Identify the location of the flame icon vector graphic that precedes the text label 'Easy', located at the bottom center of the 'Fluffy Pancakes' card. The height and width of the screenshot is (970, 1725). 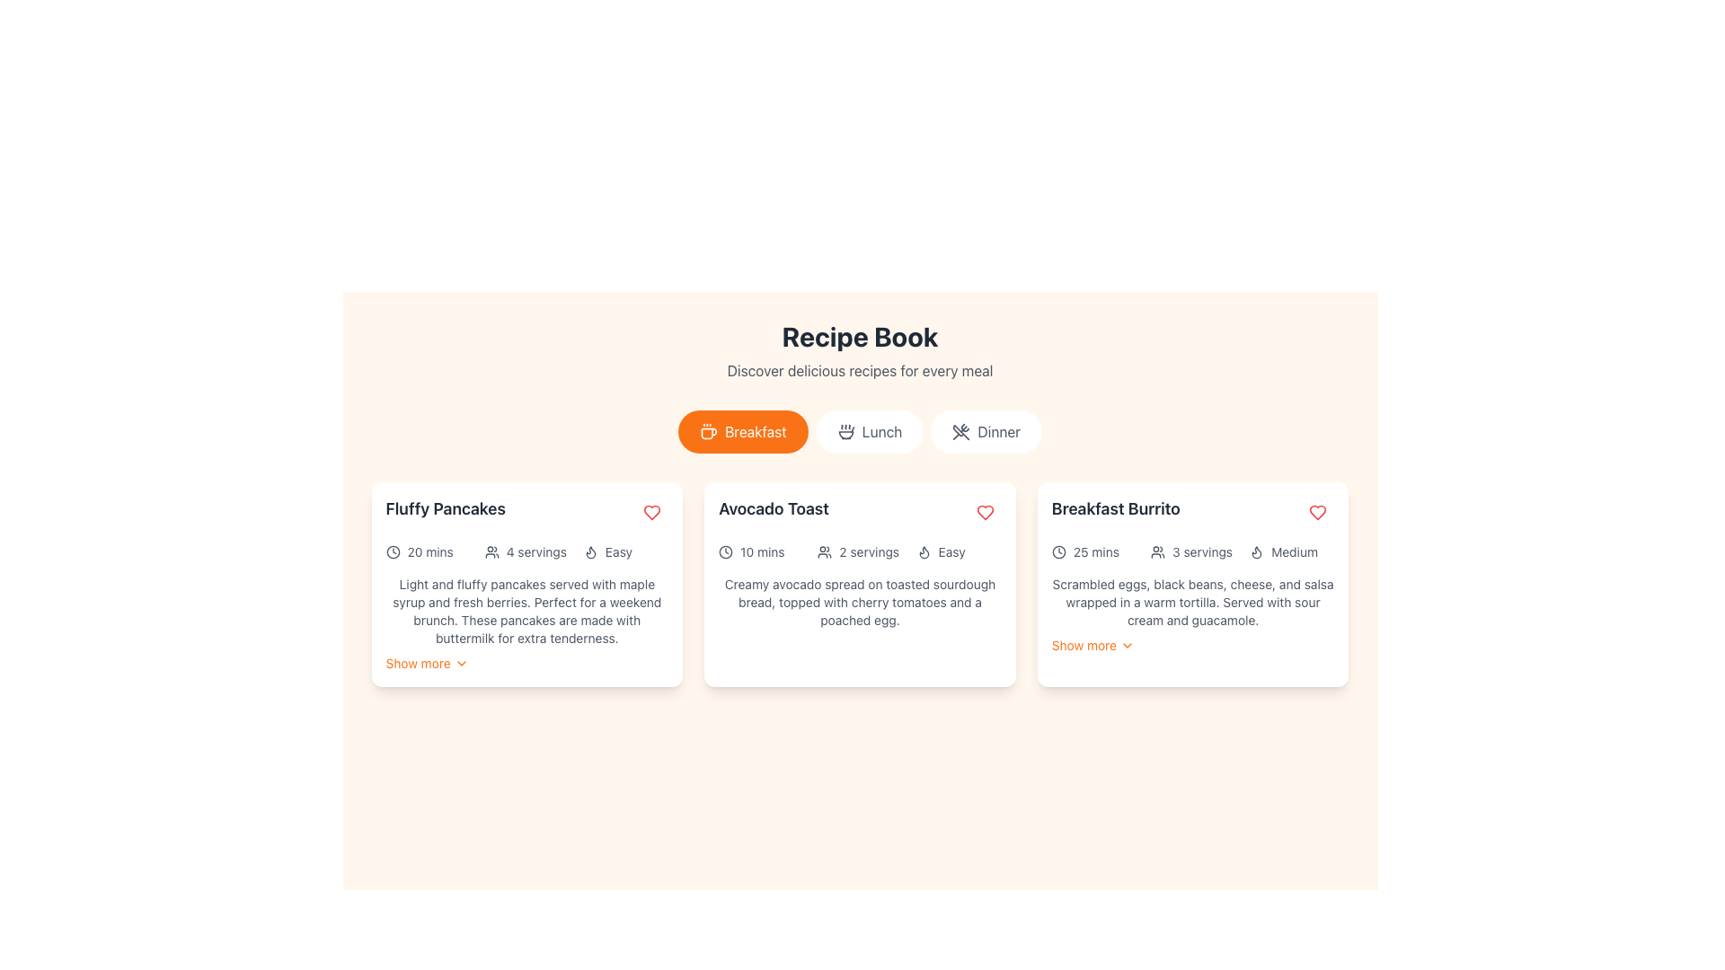
(590, 551).